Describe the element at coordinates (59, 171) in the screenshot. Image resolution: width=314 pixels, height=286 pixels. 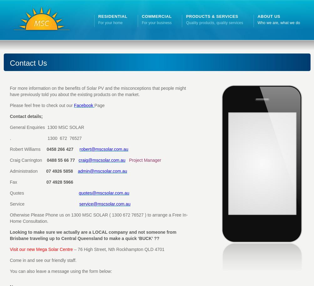
I see `'07 4926 5858'` at that location.